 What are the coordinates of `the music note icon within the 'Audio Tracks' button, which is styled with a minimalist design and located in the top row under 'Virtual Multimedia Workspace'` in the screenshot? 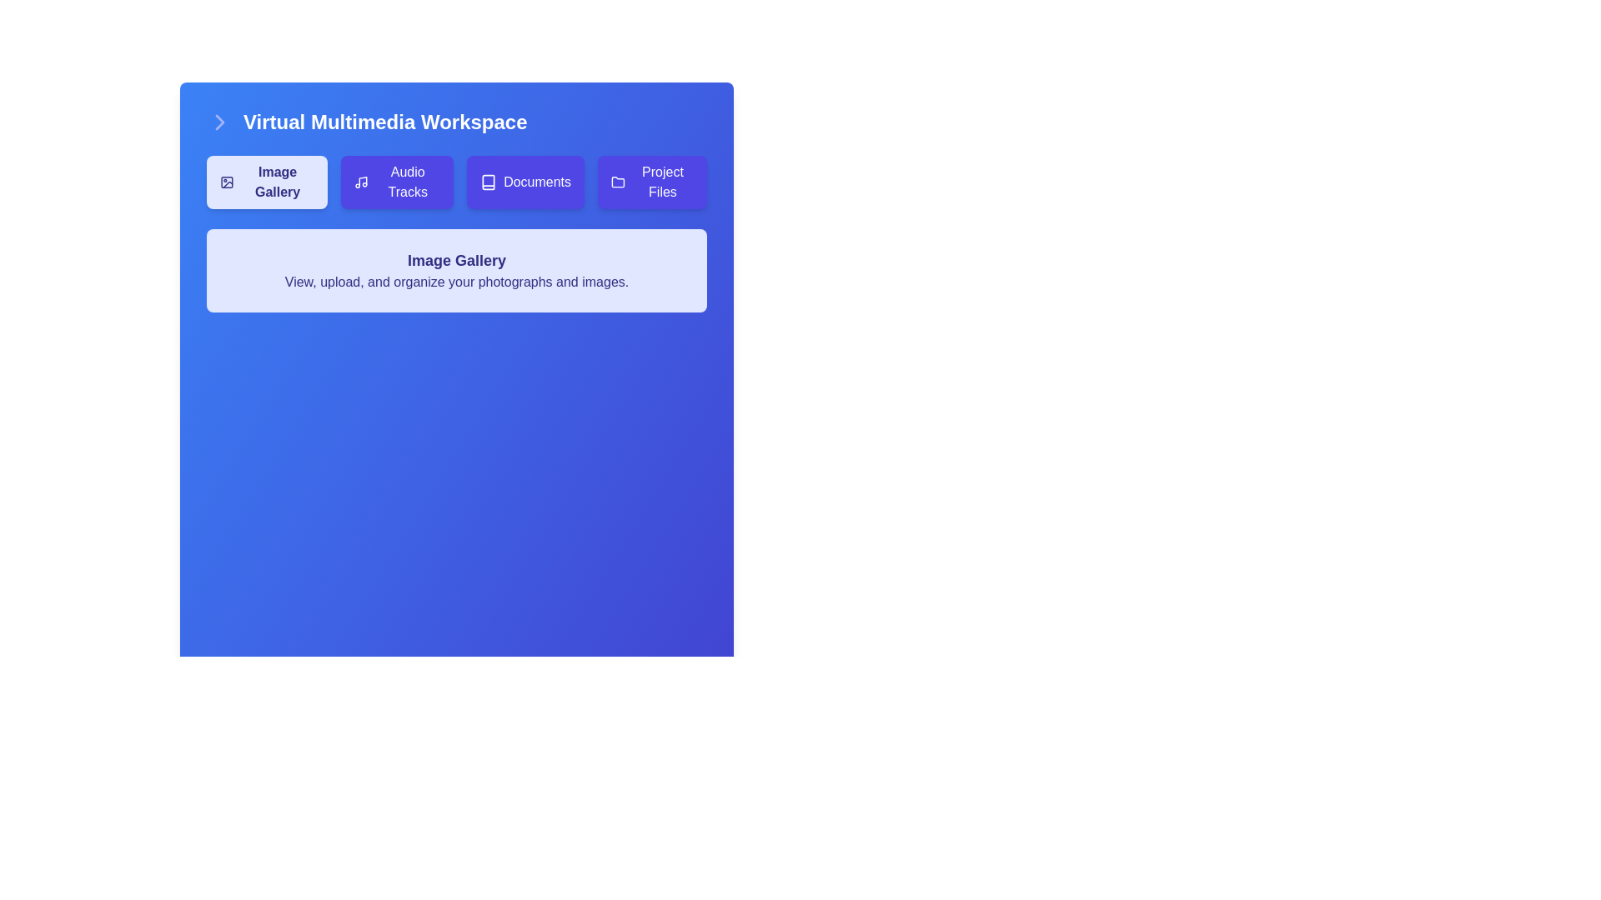 It's located at (360, 182).